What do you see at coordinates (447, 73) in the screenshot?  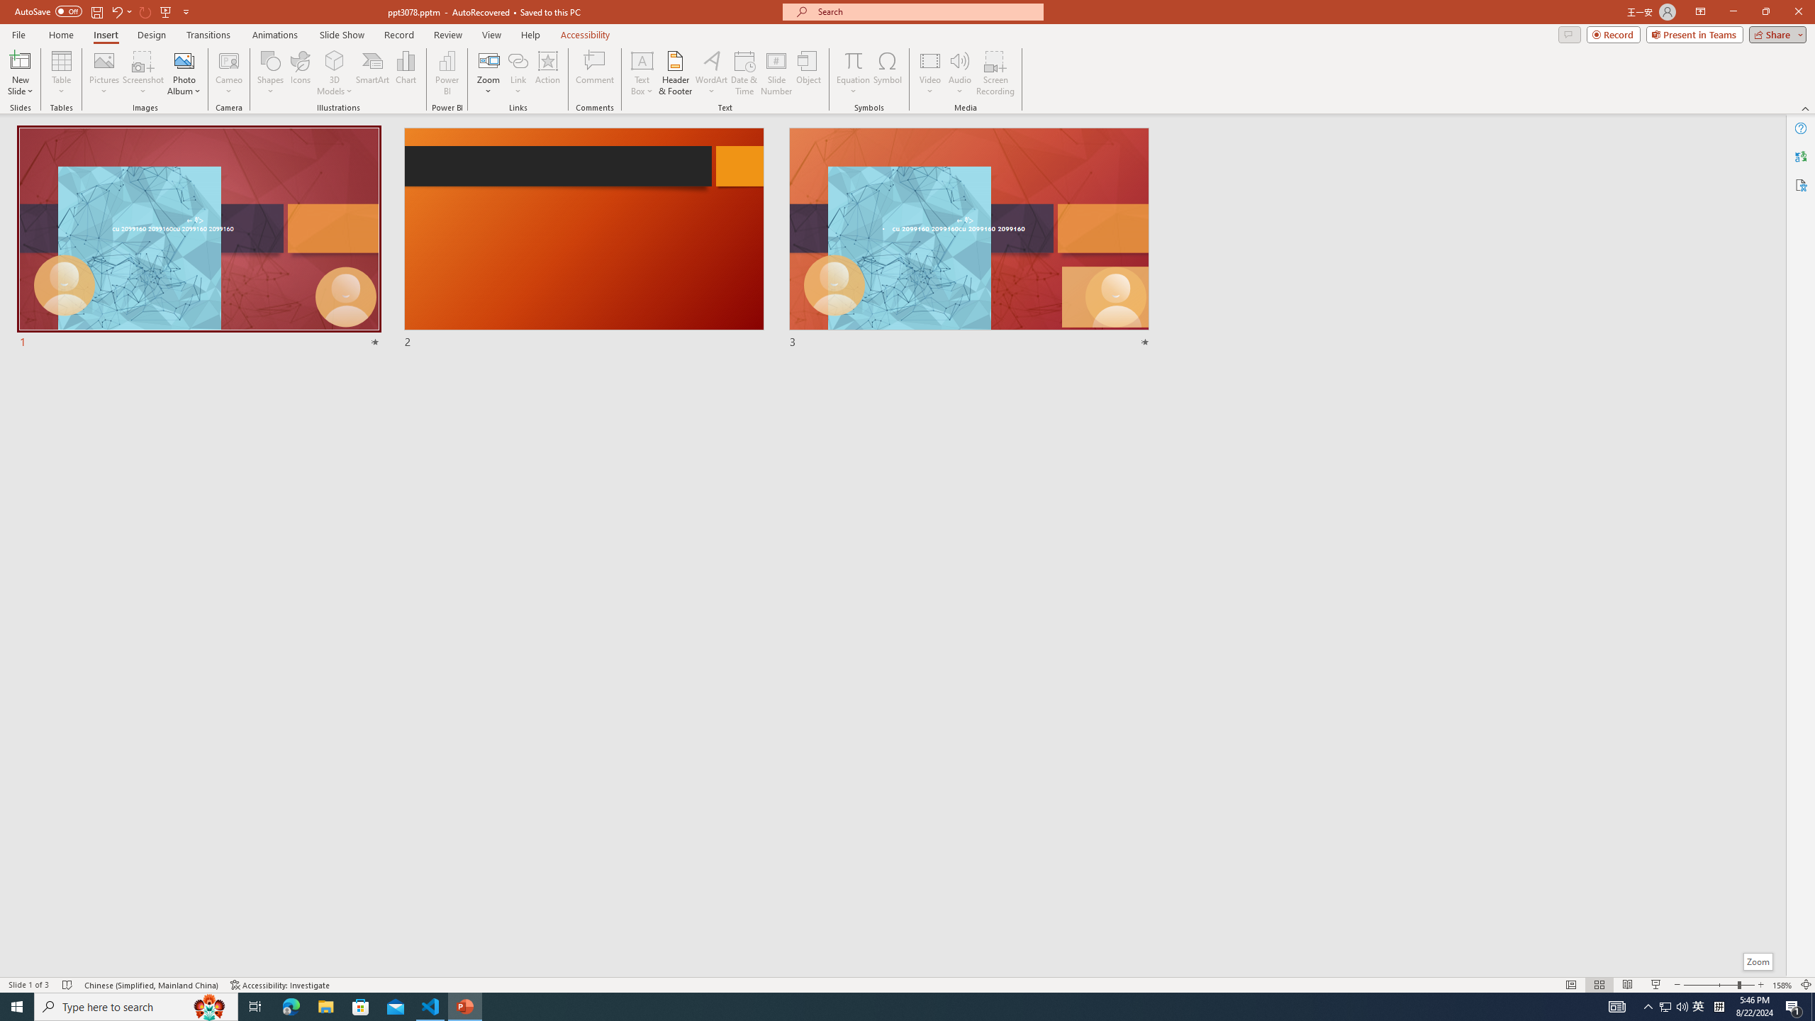 I see `'Power BI'` at bounding box center [447, 73].